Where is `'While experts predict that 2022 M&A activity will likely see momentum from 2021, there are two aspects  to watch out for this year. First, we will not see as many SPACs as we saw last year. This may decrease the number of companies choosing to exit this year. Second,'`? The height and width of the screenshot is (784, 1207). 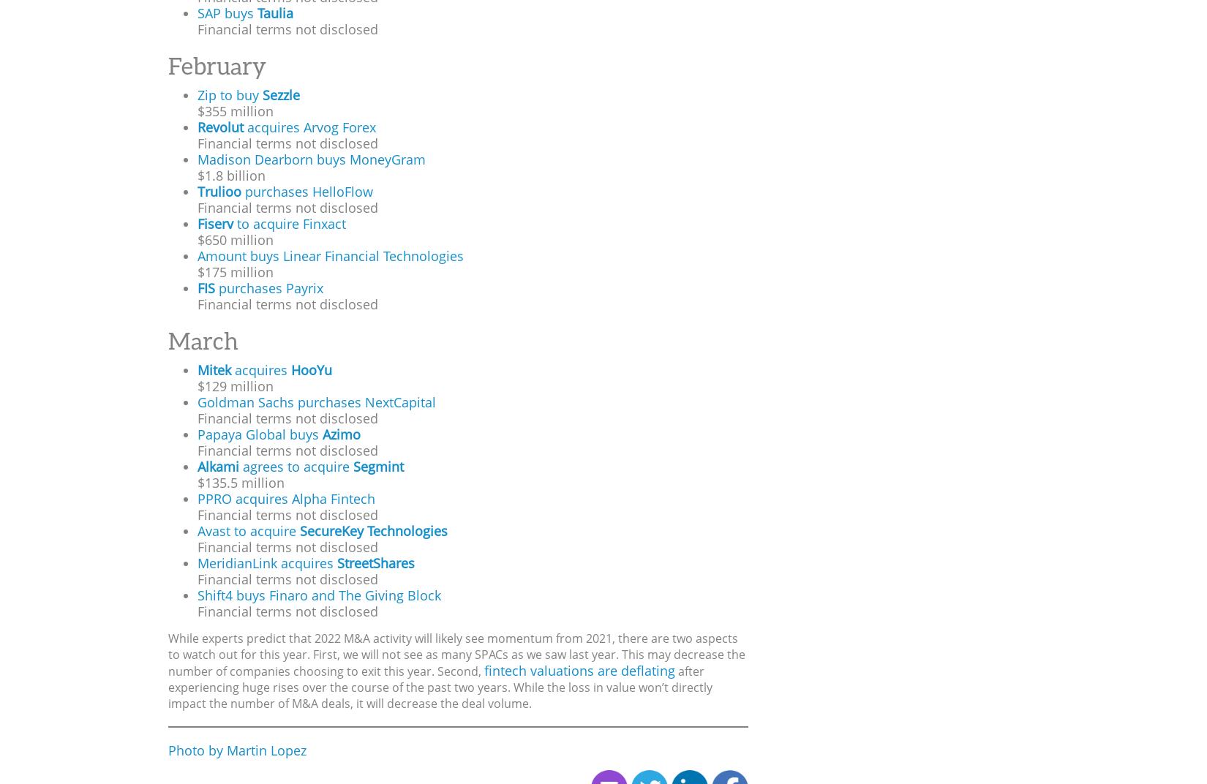
'While experts predict that 2022 M&A activity will likely see momentum from 2021, there are two aspects  to watch out for this year. First, we will not see as many SPACs as we saw last year. This may decrease the number of companies choosing to exit this year. Second,' is located at coordinates (456, 655).